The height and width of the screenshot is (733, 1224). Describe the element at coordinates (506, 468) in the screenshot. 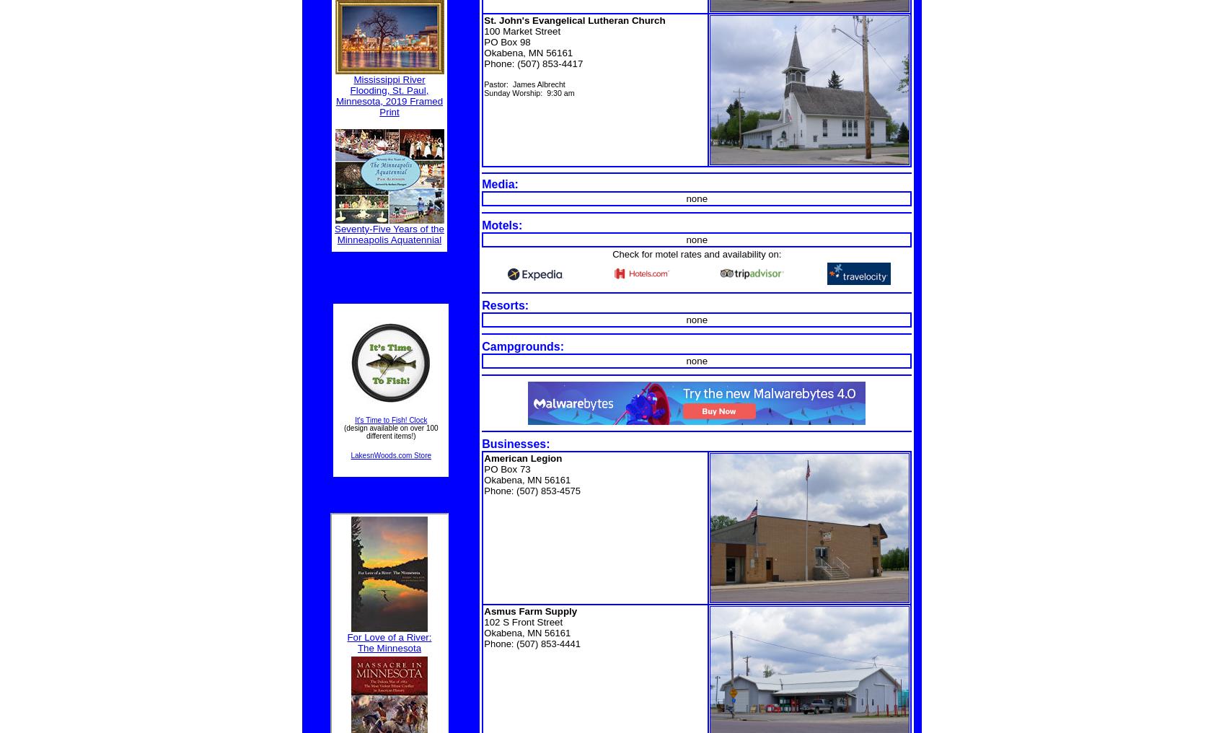

I see `'PO Box 73'` at that location.